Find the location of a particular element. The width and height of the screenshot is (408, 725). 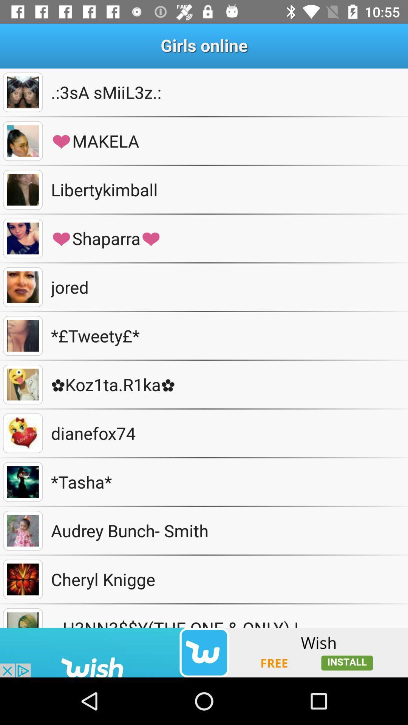

sum button is located at coordinates (22, 335).